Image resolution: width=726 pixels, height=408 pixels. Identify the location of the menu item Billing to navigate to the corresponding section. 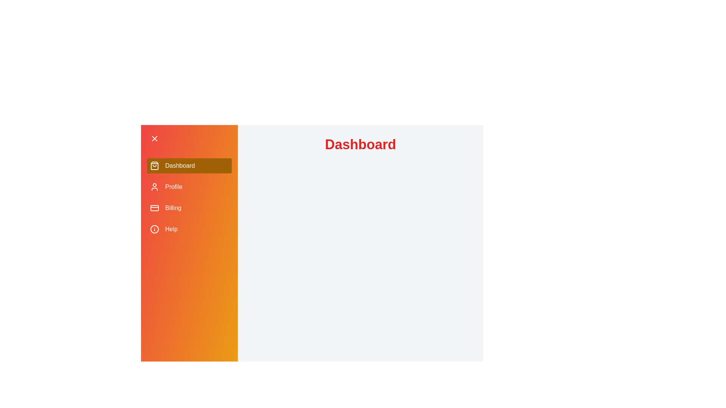
(189, 208).